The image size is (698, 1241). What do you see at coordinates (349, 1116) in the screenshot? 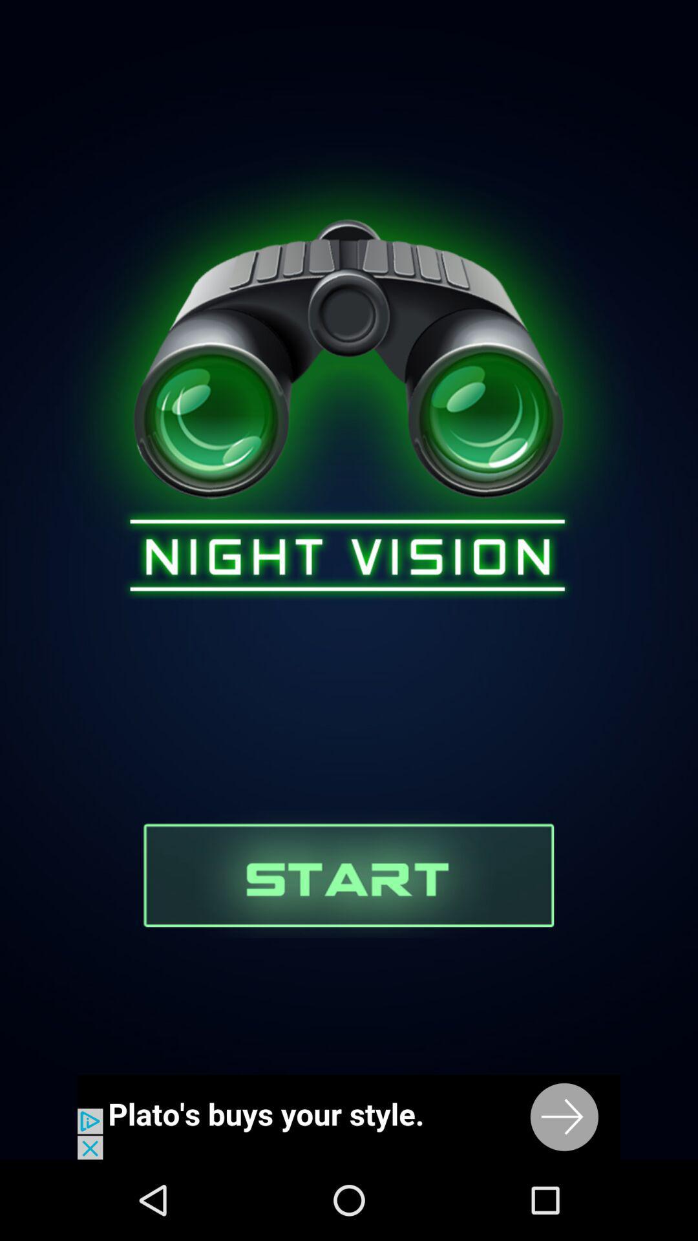
I see `for binoculars` at bounding box center [349, 1116].